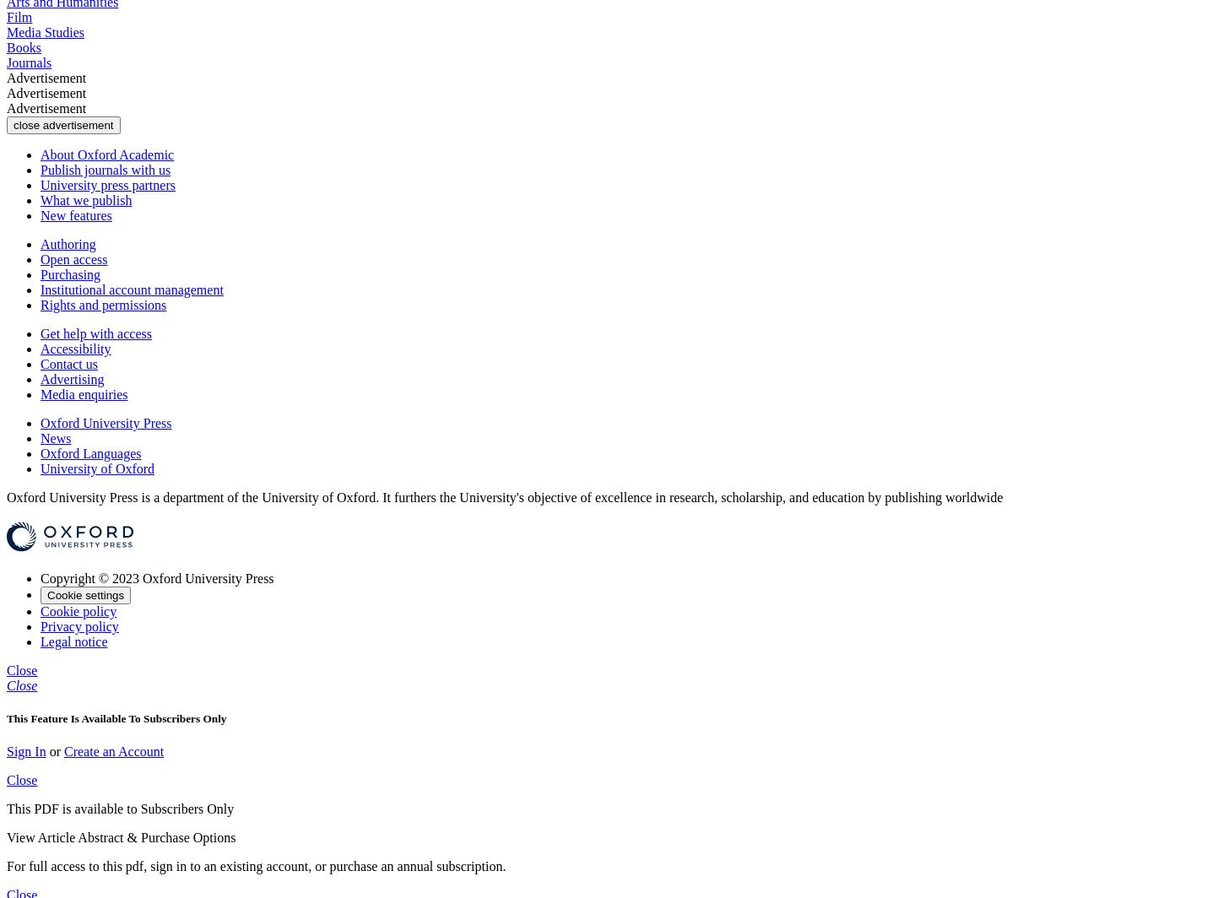  I want to click on 'Authoring', so click(68, 243).